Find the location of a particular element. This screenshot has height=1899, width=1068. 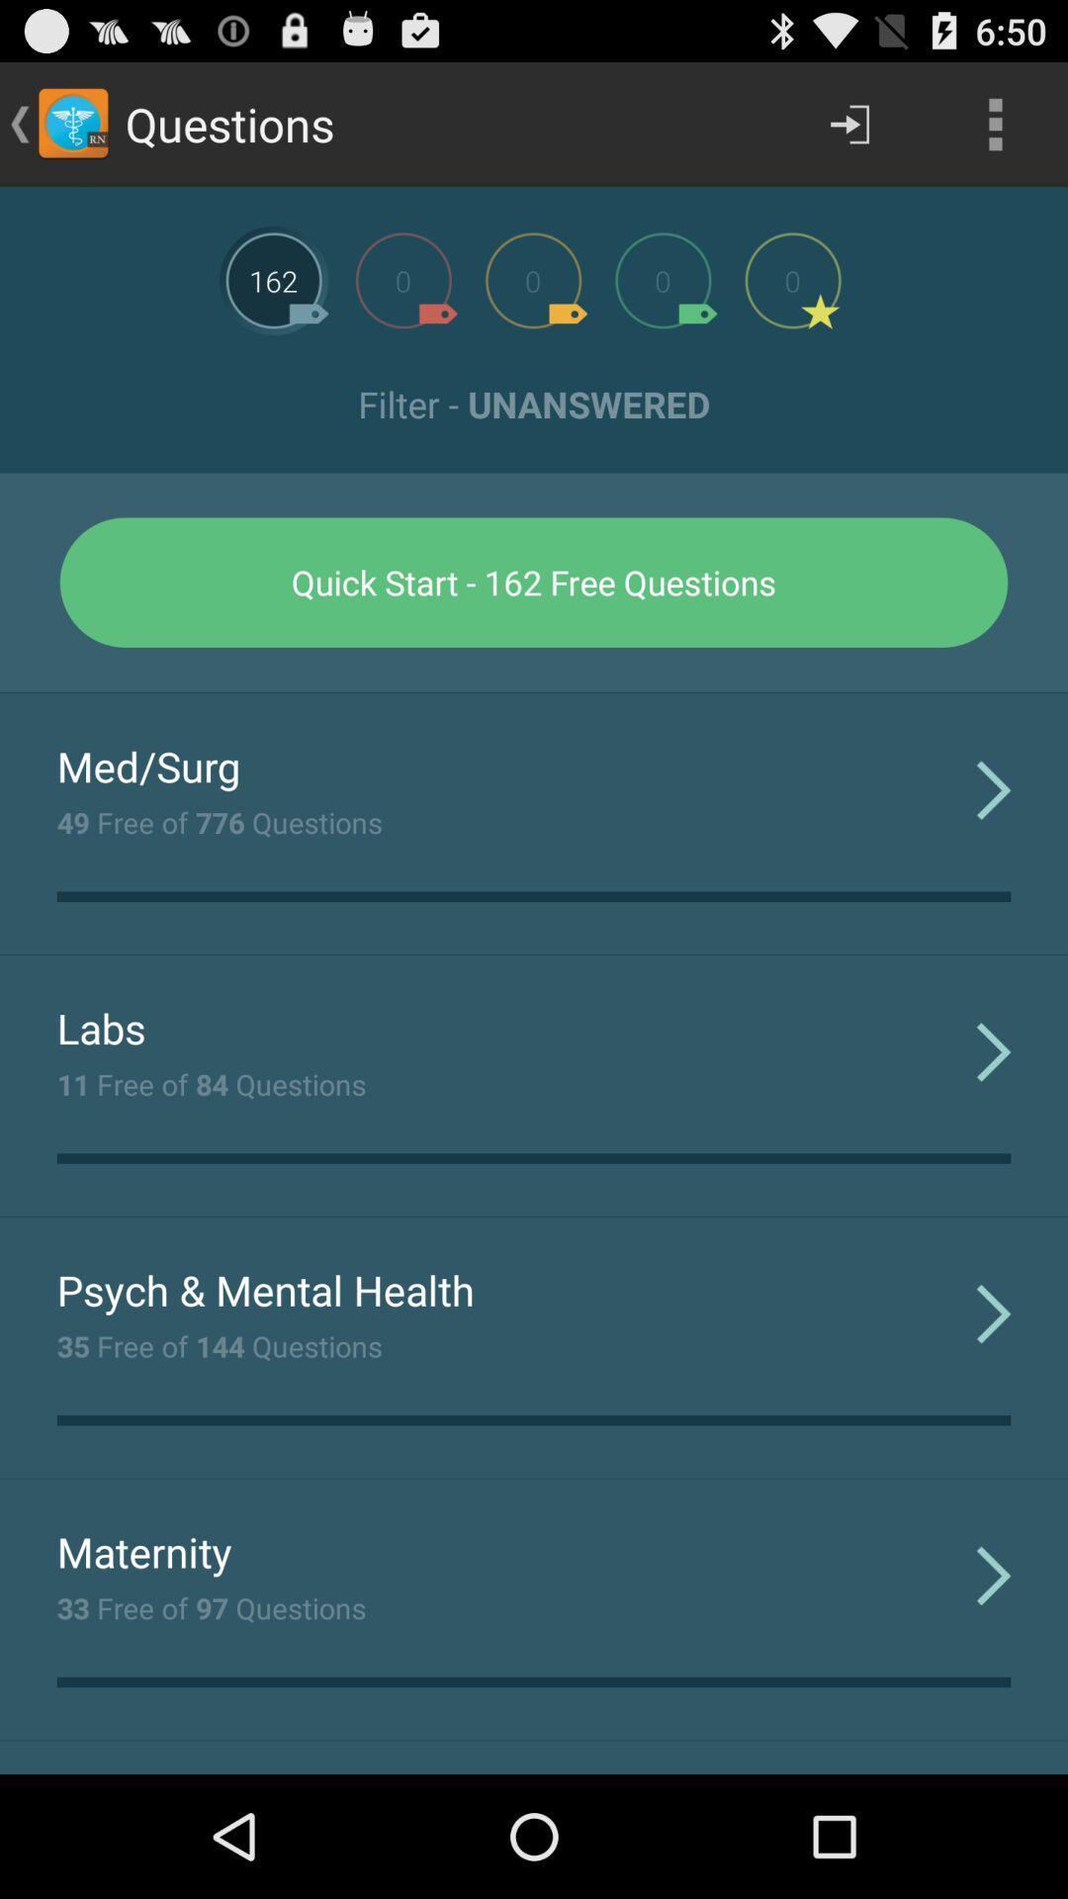

see favorited is located at coordinates (792, 279).